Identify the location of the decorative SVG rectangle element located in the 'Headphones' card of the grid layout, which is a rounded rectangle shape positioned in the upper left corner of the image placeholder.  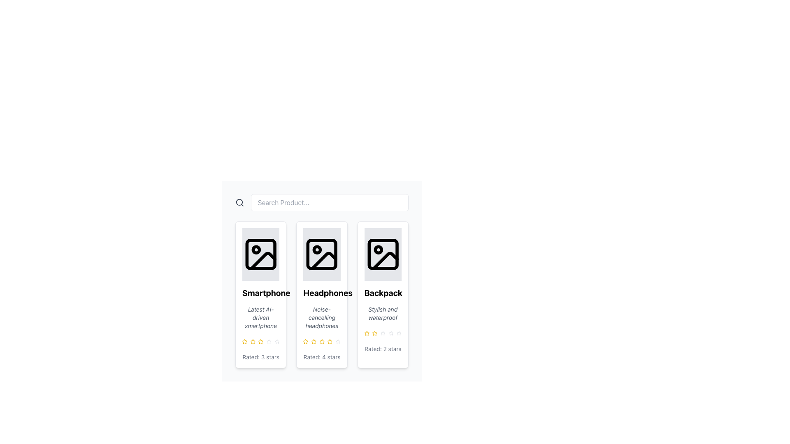
(321, 254).